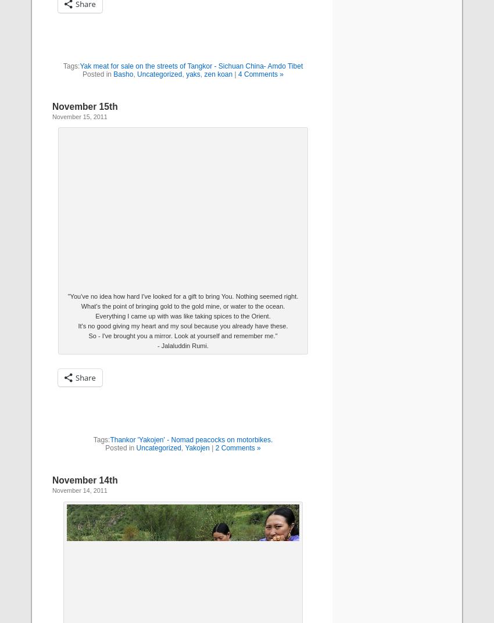 The height and width of the screenshot is (623, 494). Describe the element at coordinates (191, 440) in the screenshot. I see `'Thankor 'Yakojen' - Nomad peacocks on motorbikes.'` at that location.